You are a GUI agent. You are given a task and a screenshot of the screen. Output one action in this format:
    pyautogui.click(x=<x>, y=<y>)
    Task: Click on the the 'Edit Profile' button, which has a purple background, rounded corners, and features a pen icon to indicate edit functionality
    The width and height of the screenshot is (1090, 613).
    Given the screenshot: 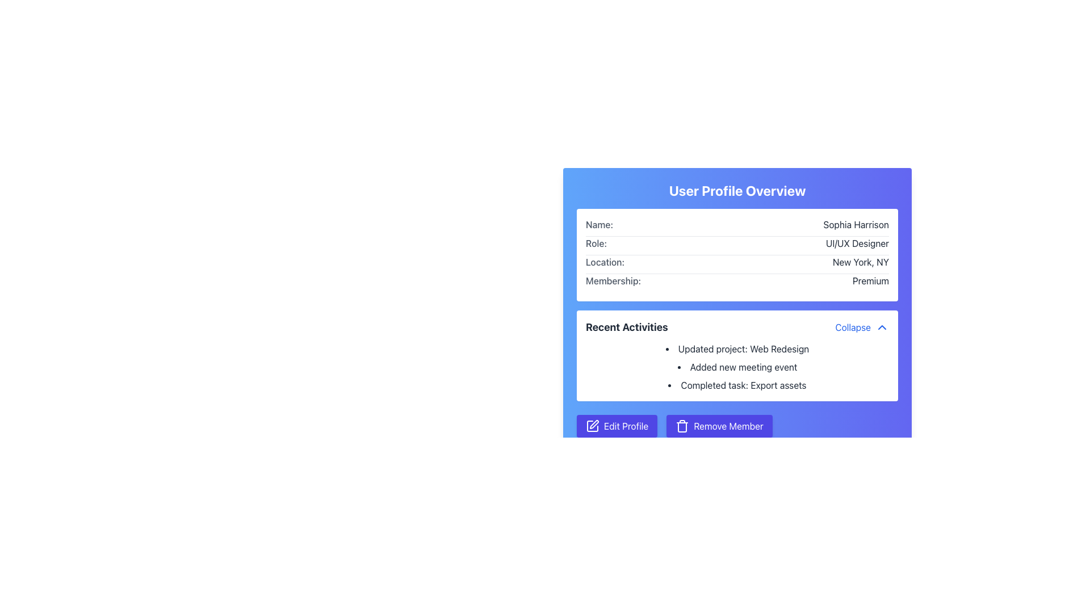 What is the action you would take?
    pyautogui.click(x=617, y=426)
    